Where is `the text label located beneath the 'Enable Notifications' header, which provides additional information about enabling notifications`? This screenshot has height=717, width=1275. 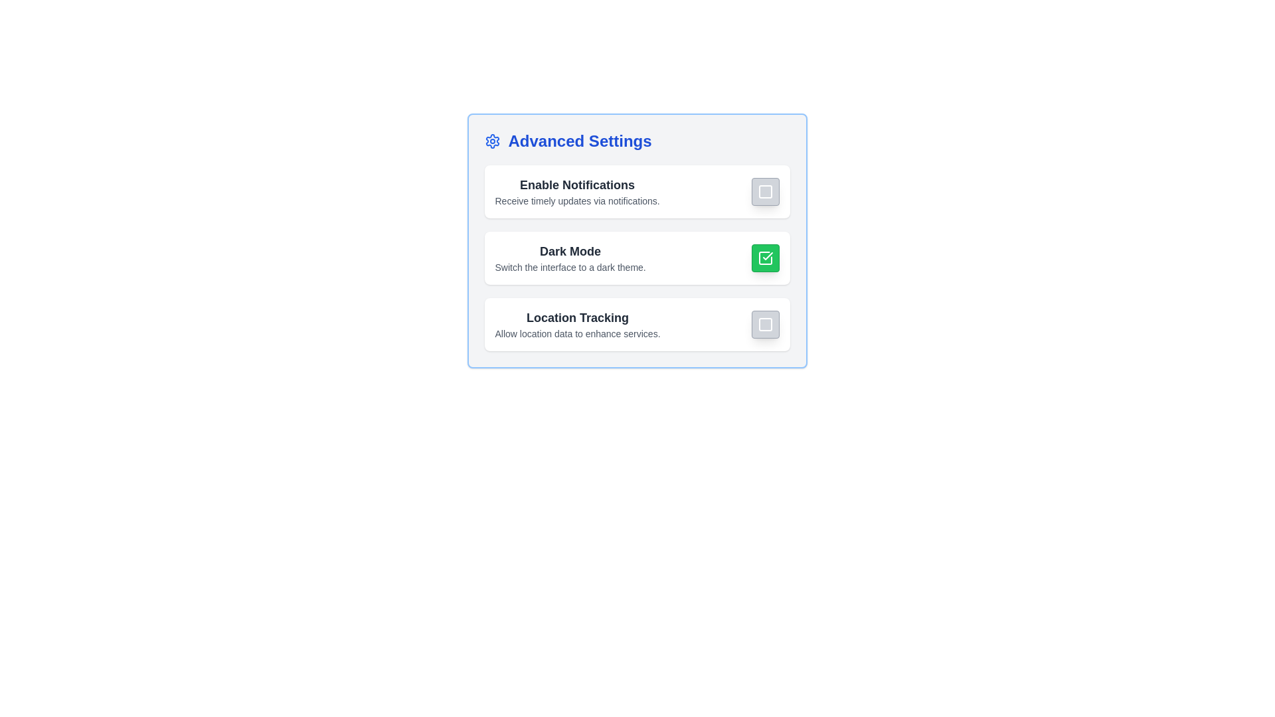
the text label located beneath the 'Enable Notifications' header, which provides additional information about enabling notifications is located at coordinates (577, 201).